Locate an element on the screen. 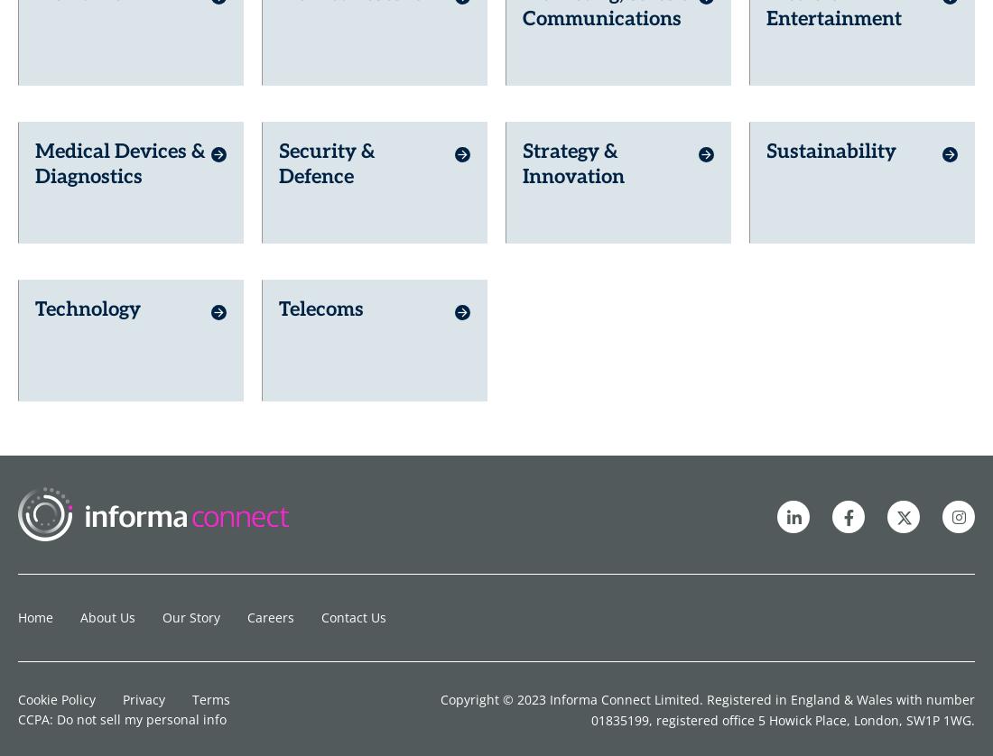 The image size is (993, 756). 'Telecoms' is located at coordinates (320, 101).